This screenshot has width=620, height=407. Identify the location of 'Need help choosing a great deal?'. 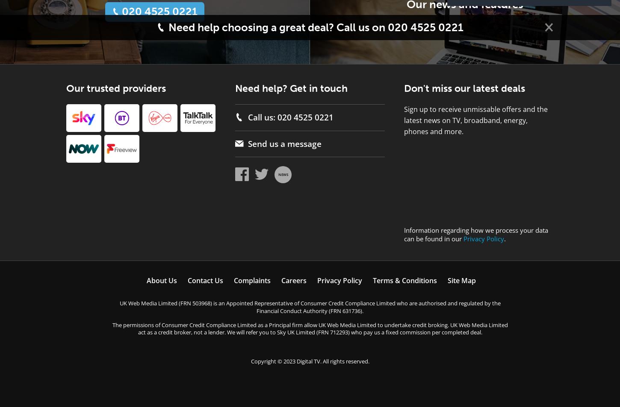
(251, 26).